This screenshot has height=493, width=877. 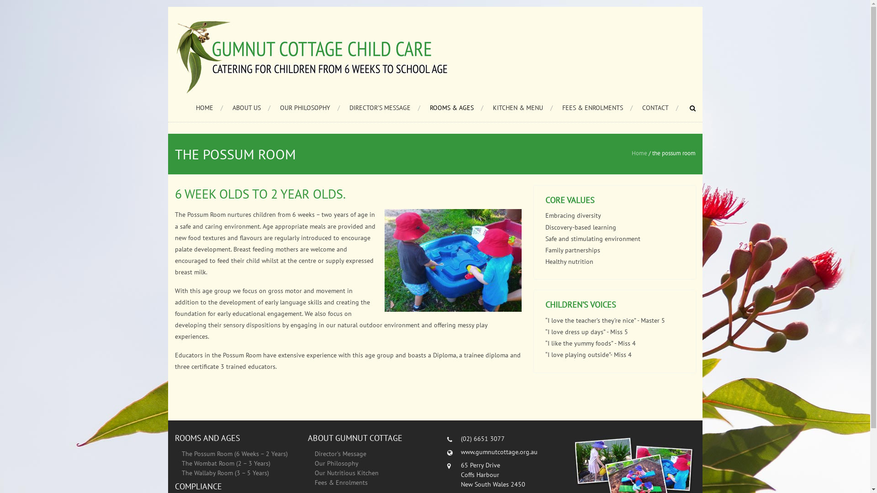 What do you see at coordinates (346, 472) in the screenshot?
I see `'Our Nutritious Kitchen'` at bounding box center [346, 472].